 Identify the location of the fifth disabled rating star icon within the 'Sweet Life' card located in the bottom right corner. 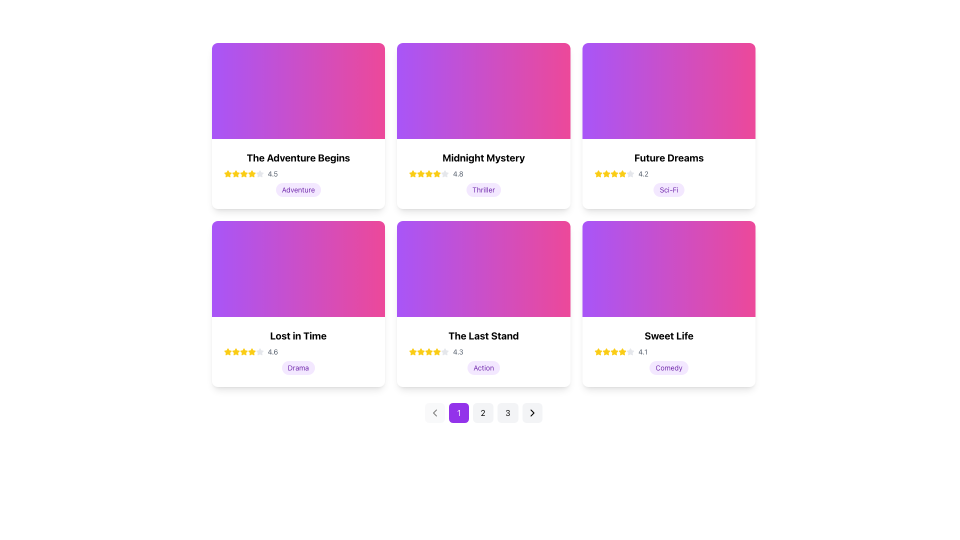
(629, 351).